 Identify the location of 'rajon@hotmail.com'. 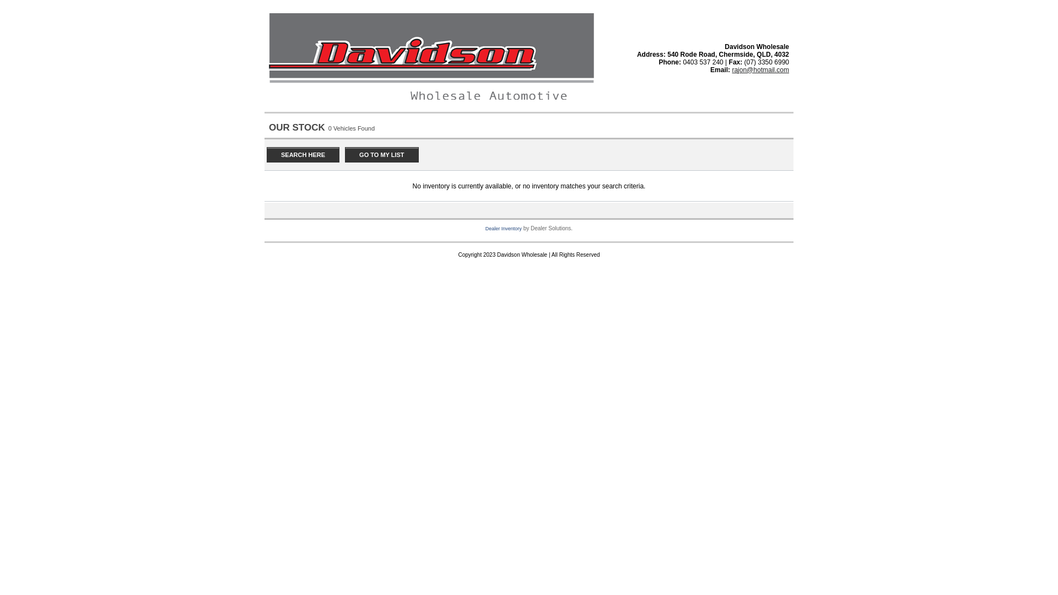
(732, 70).